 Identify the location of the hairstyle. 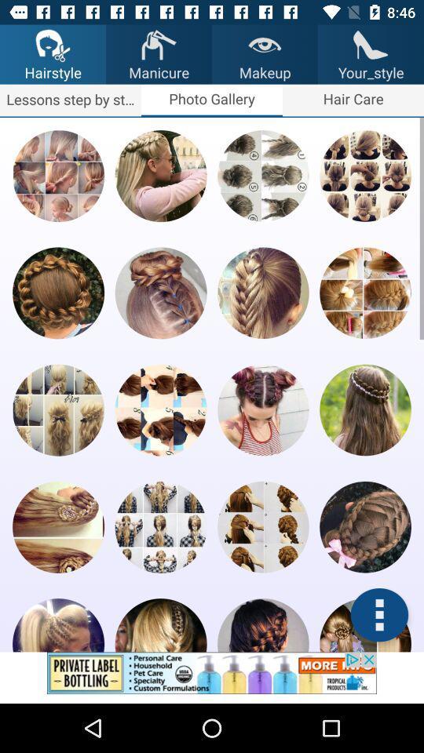
(263, 409).